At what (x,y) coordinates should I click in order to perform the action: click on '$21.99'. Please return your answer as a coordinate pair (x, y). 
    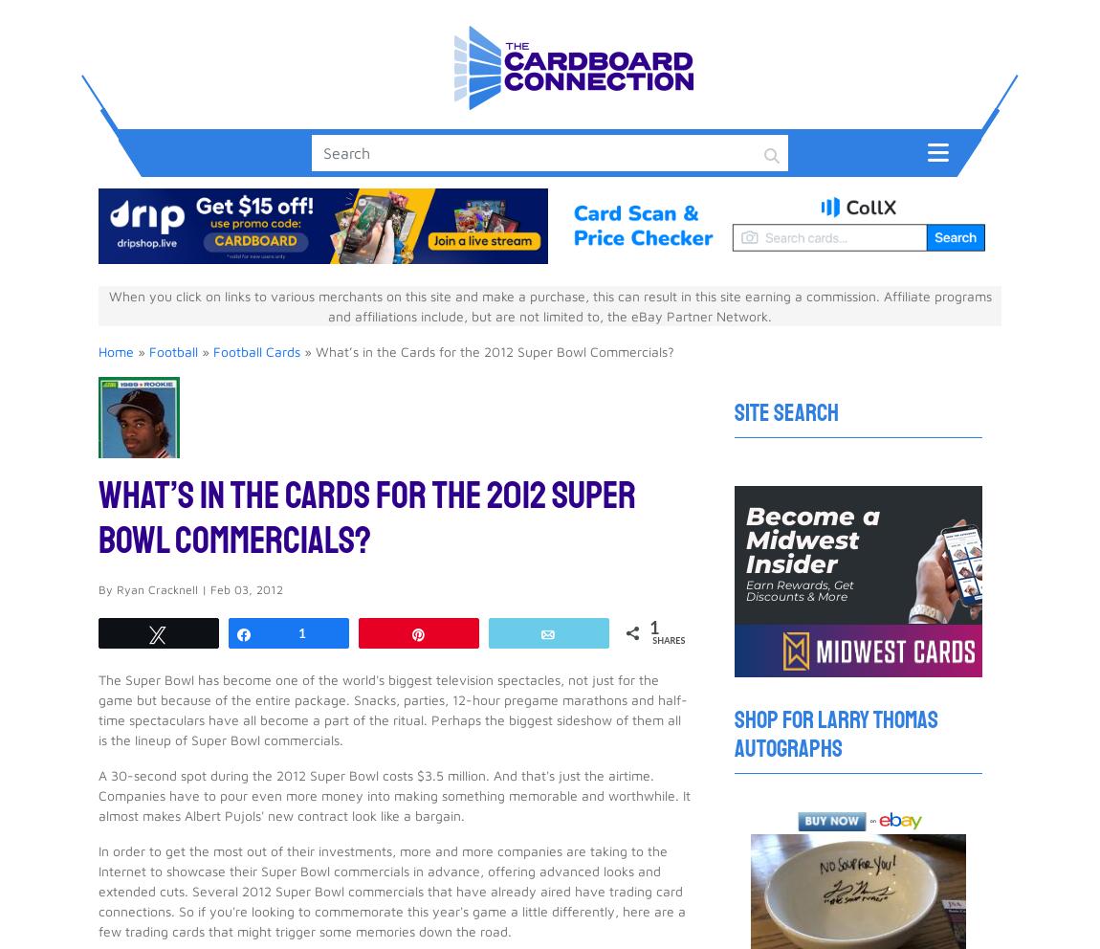
    Looking at the image, I should click on (613, 574).